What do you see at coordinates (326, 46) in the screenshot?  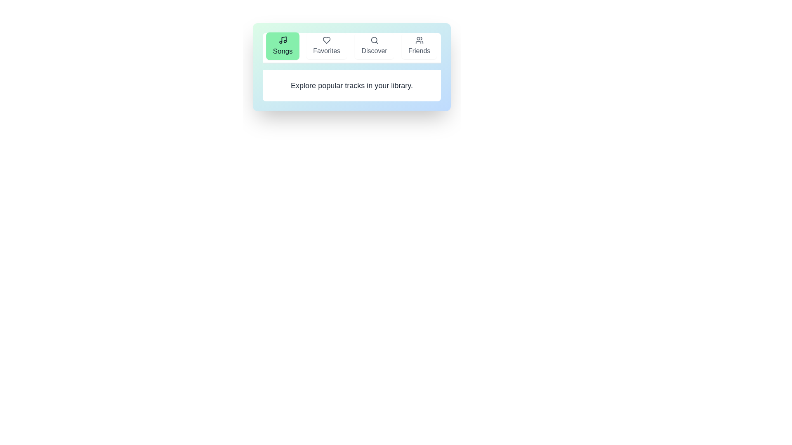 I see `the tab labeled Favorites to observe its hover styling` at bounding box center [326, 46].